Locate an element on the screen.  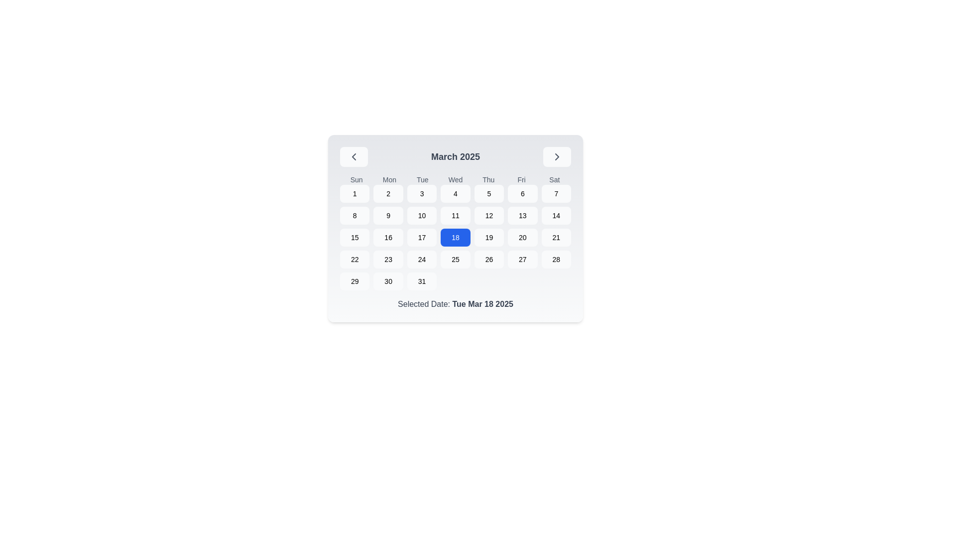
the button representing the 26th day of March 2025 in the calendar grid is located at coordinates (489, 259).